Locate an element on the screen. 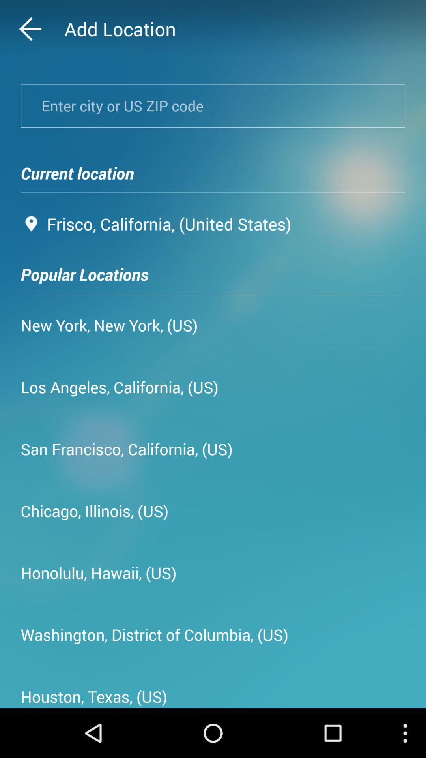 This screenshot has height=758, width=426. san francisco california is located at coordinates (126, 449).